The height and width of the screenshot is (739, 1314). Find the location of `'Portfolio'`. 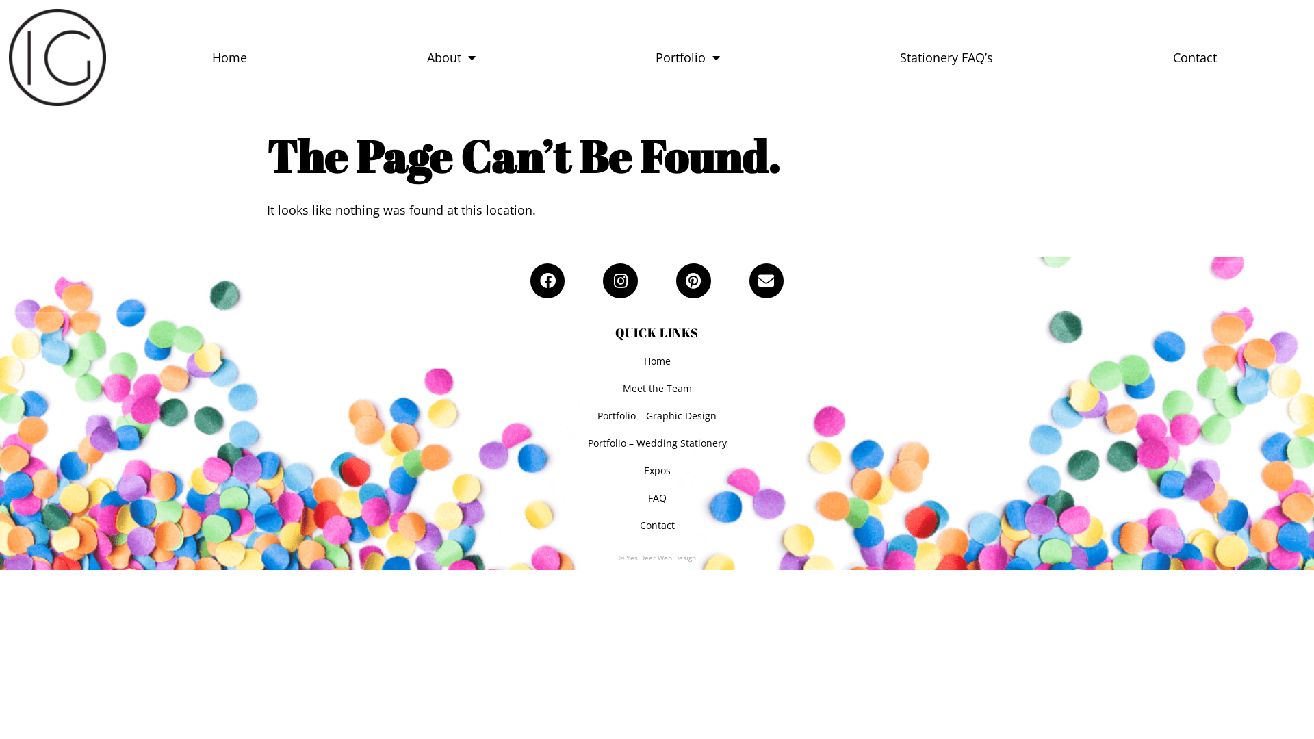

'Portfolio' is located at coordinates (688, 57).